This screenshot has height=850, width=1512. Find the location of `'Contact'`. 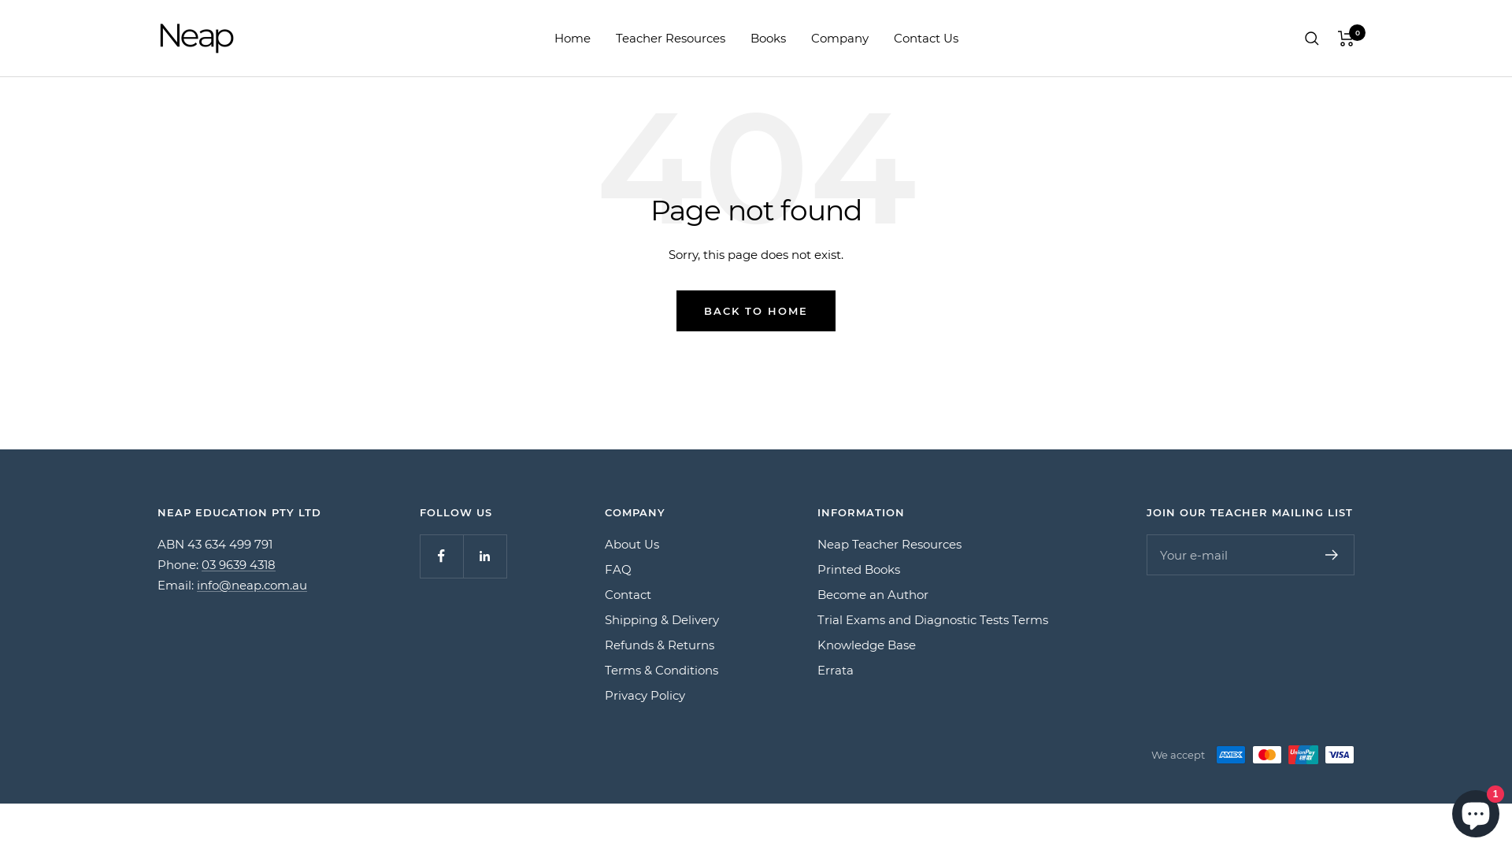

'Contact' is located at coordinates (627, 595).